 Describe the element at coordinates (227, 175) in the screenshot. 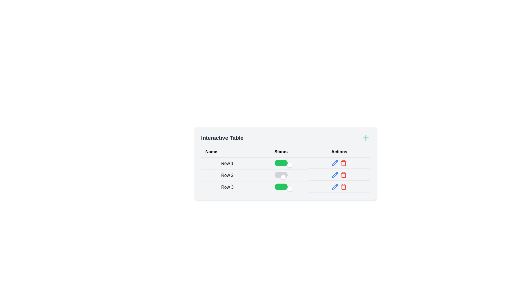

I see `the text label displaying 'Row 2' which is located in the leftmost column of the second row of the table` at that location.